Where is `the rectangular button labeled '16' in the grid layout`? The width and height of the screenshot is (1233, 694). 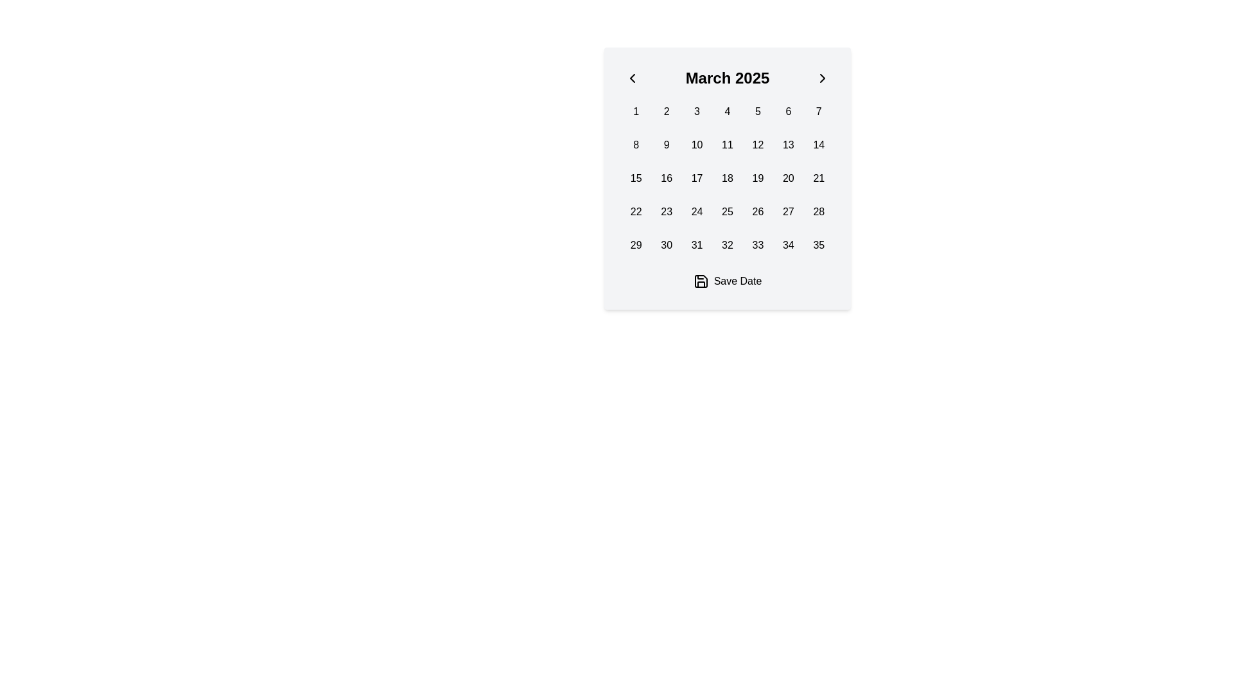
the rectangular button labeled '16' in the grid layout is located at coordinates (666, 178).